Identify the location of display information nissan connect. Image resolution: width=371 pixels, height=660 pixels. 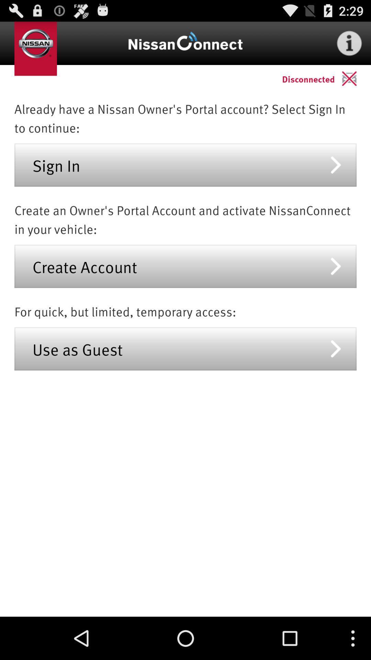
(349, 43).